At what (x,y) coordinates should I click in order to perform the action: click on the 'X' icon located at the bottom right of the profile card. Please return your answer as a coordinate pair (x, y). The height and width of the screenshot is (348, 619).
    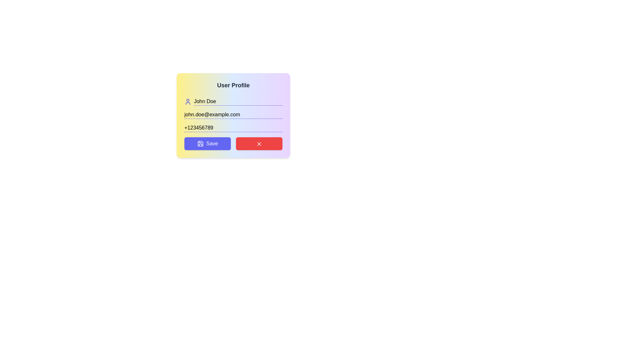
    Looking at the image, I should click on (259, 143).